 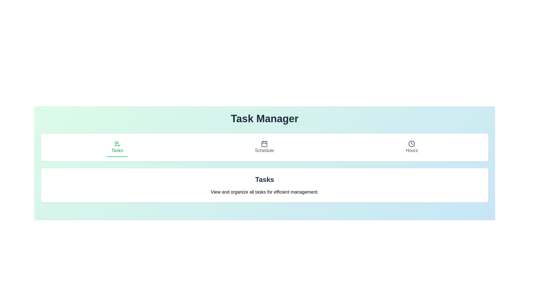 I want to click on the 'Tasks' text label in the navigation bar, which is styled in green and positioned beneath a list with a checkmark icon, so click(x=117, y=150).